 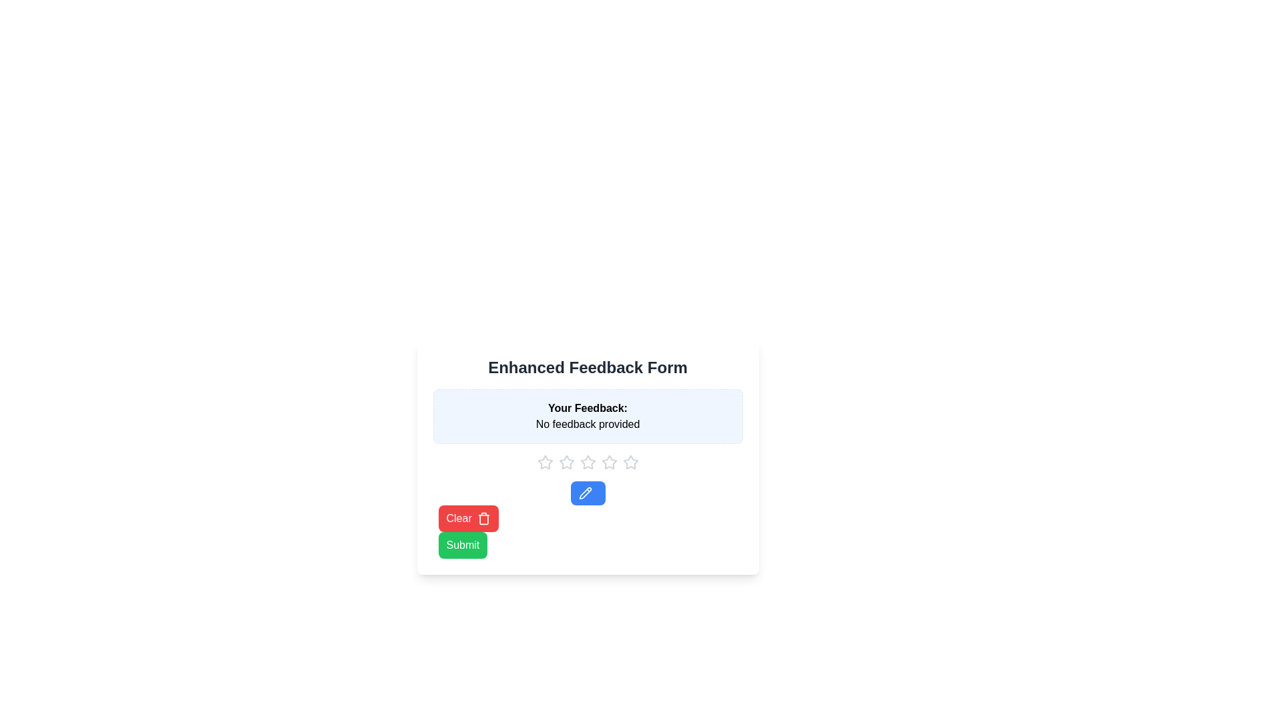 I want to click on the third star icon with a hollow outline, styled in gray, located below the 'Your Feedback: No feedback provided' text area, so click(x=588, y=461).